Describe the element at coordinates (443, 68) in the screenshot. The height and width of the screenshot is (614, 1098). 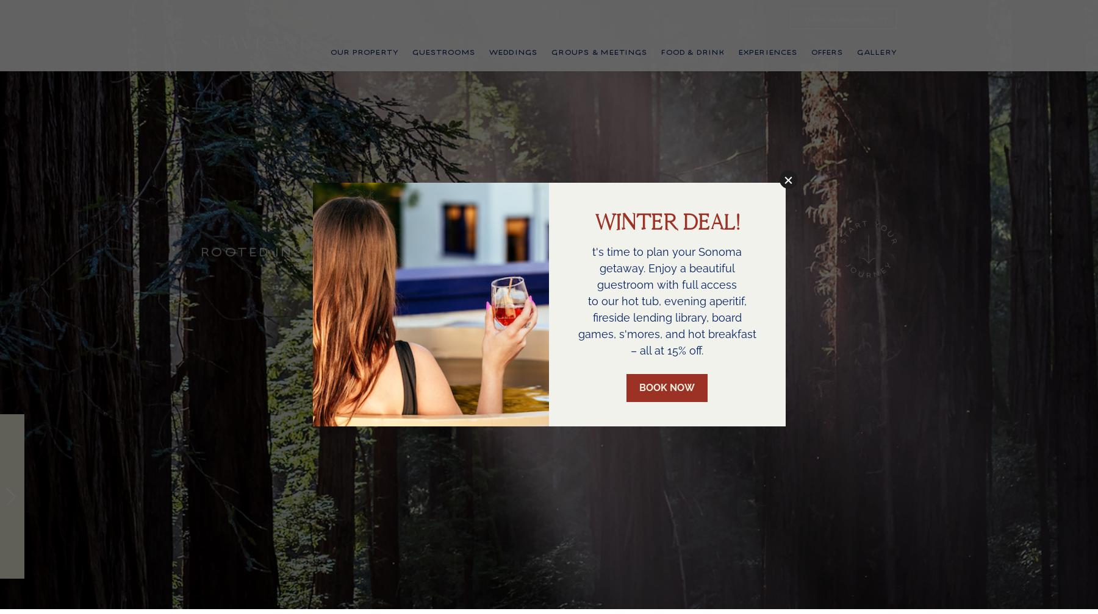
I see `'Guestrooms'` at that location.